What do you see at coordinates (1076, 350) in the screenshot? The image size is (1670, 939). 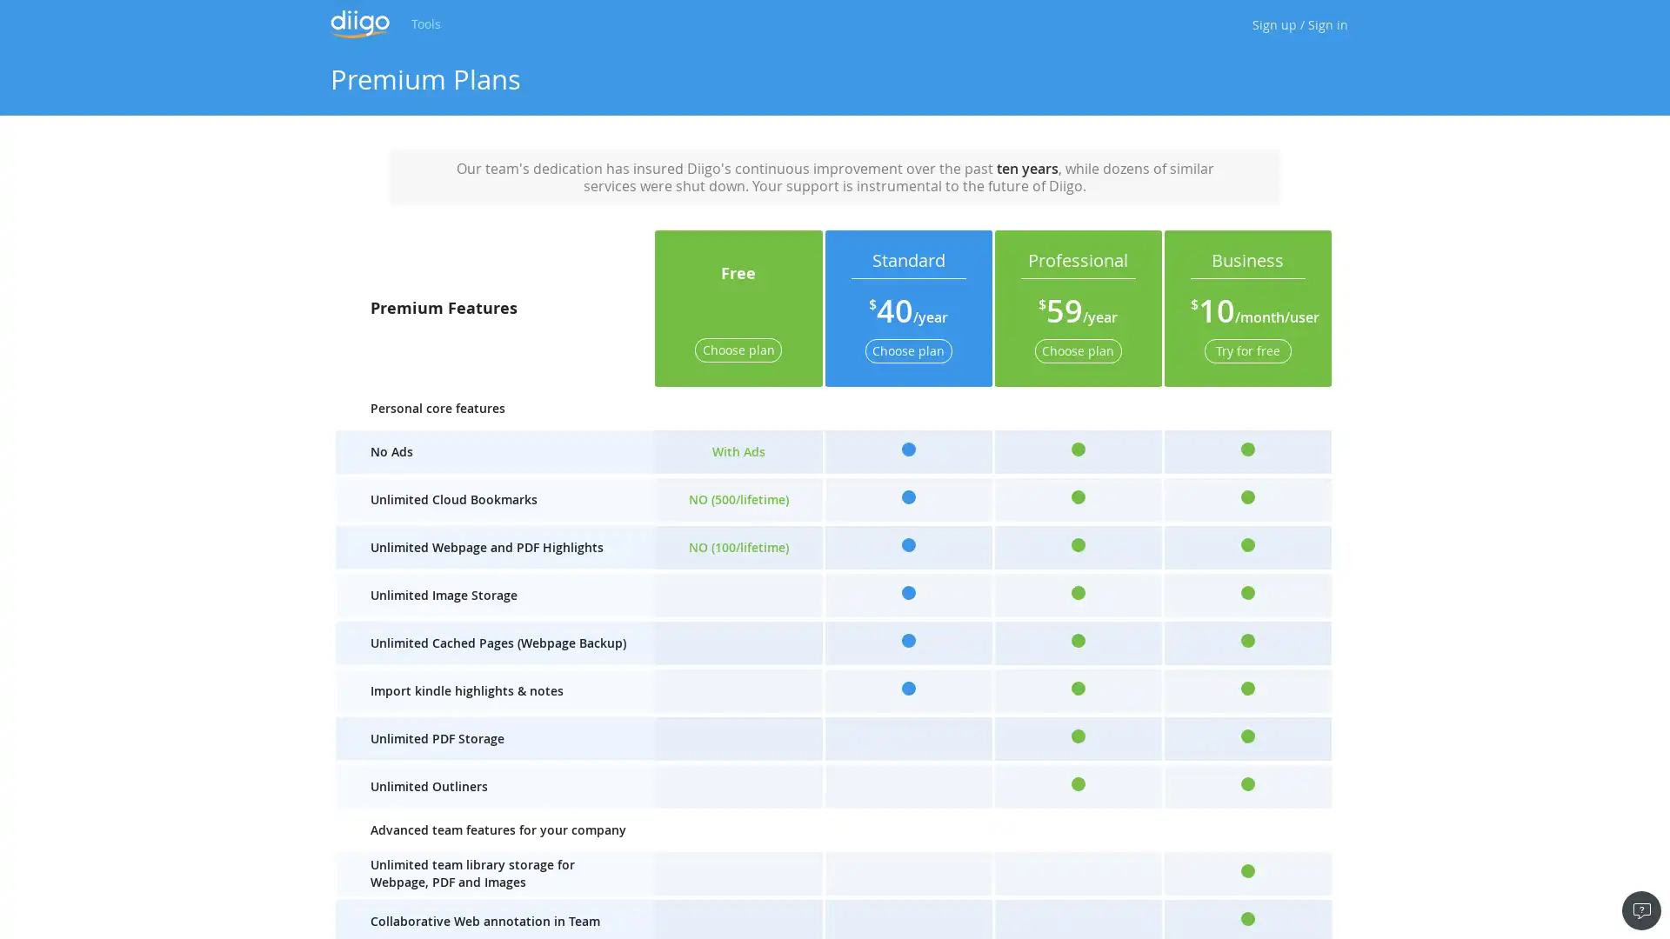 I see `Choose plan` at bounding box center [1076, 350].